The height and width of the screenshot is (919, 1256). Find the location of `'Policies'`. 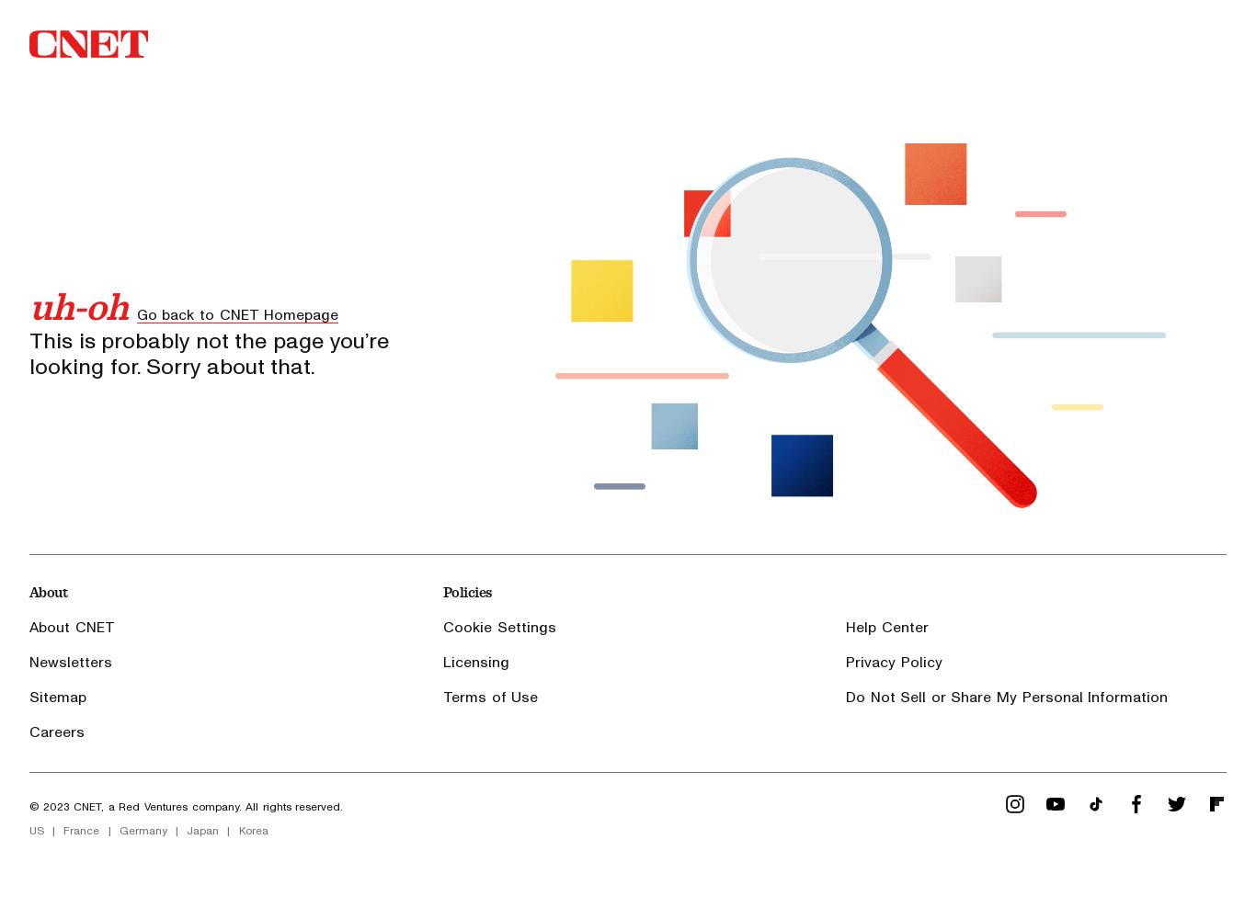

'Policies' is located at coordinates (467, 591).